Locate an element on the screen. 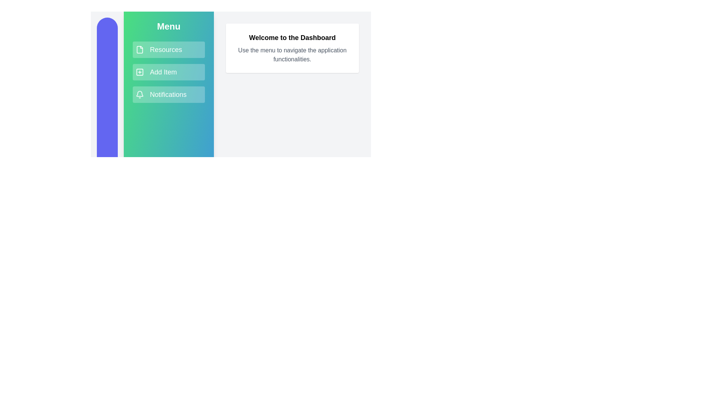  the sidebar header to toggle its visibility is located at coordinates (168, 26).